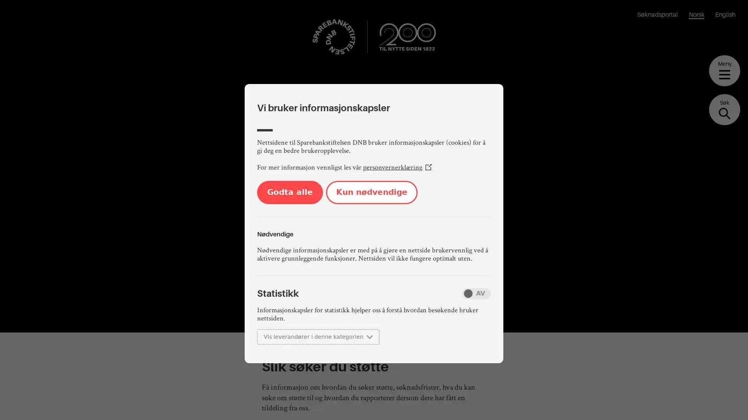 This screenshot has width=748, height=420. What do you see at coordinates (318, 336) in the screenshot?
I see `Vis leverandrer i denne kategorien` at bounding box center [318, 336].